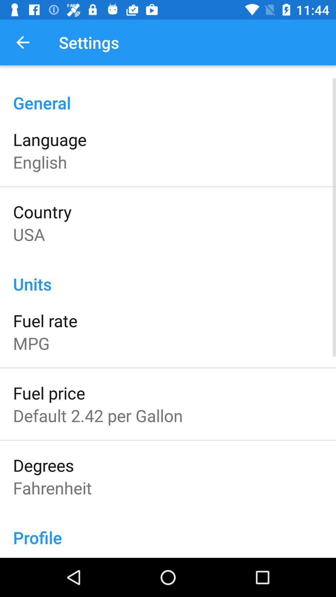 This screenshot has height=597, width=336. I want to click on fuel rate, so click(45, 320).